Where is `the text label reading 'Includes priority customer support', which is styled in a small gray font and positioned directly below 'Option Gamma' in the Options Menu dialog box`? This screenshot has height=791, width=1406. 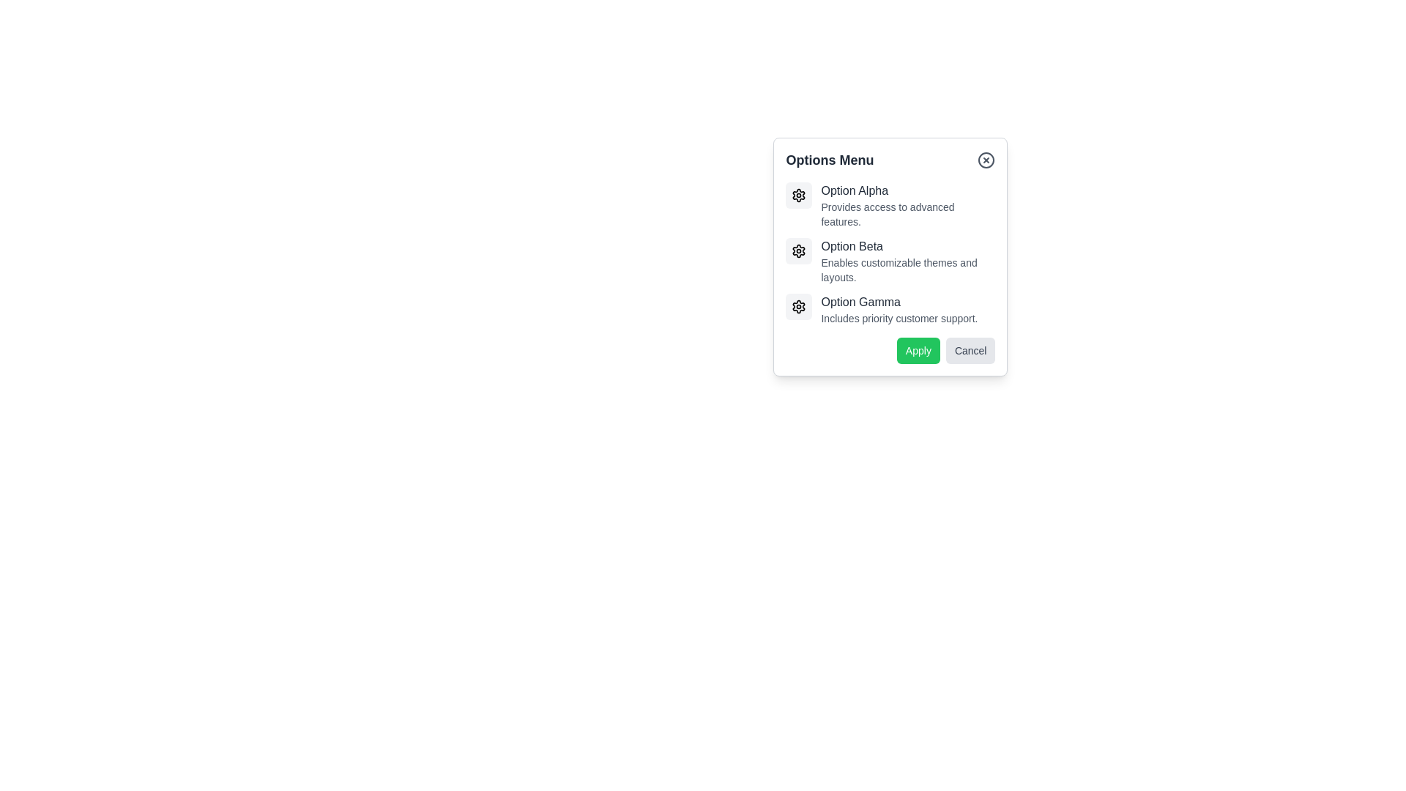
the text label reading 'Includes priority customer support', which is styled in a small gray font and positioned directly below 'Option Gamma' in the Options Menu dialog box is located at coordinates (899, 318).